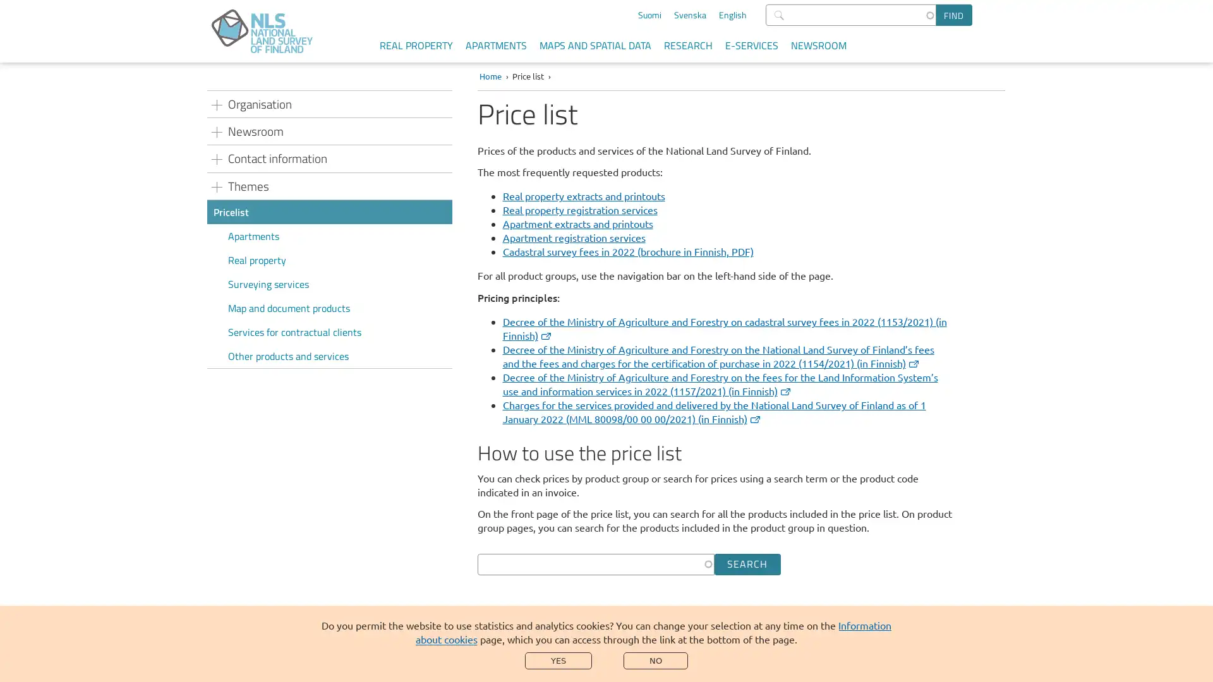 The width and height of the screenshot is (1213, 682). What do you see at coordinates (954, 15) in the screenshot?
I see `Find` at bounding box center [954, 15].